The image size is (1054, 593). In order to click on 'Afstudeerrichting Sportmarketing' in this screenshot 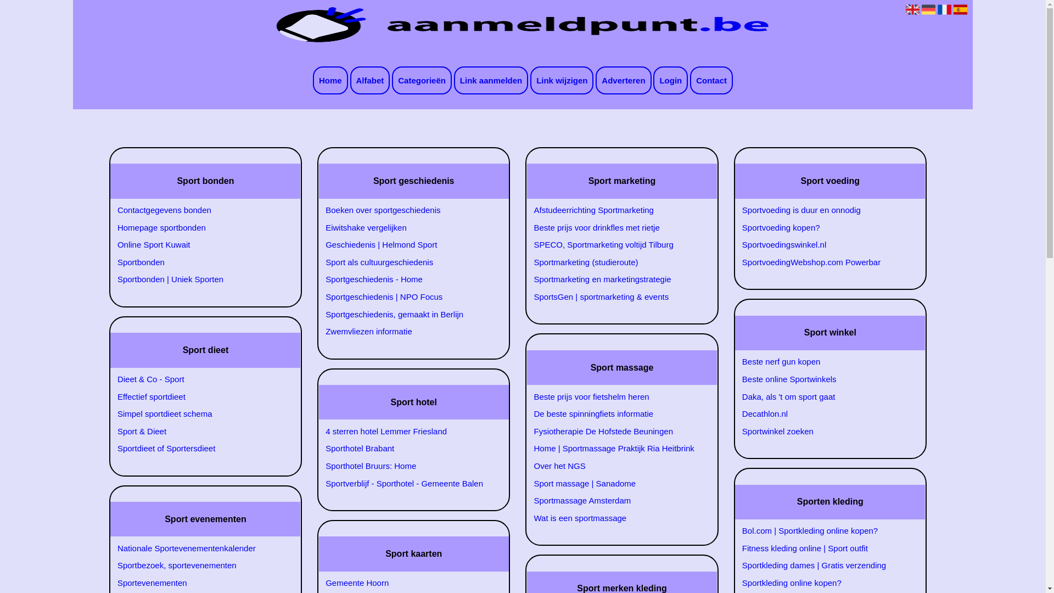, I will do `click(615, 210)`.